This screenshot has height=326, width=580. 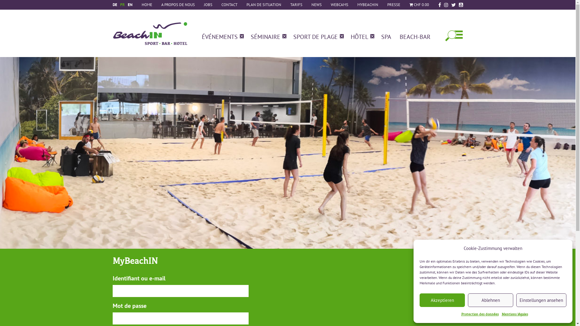 What do you see at coordinates (315, 37) in the screenshot?
I see `'SPORT DE PLAGE'` at bounding box center [315, 37].